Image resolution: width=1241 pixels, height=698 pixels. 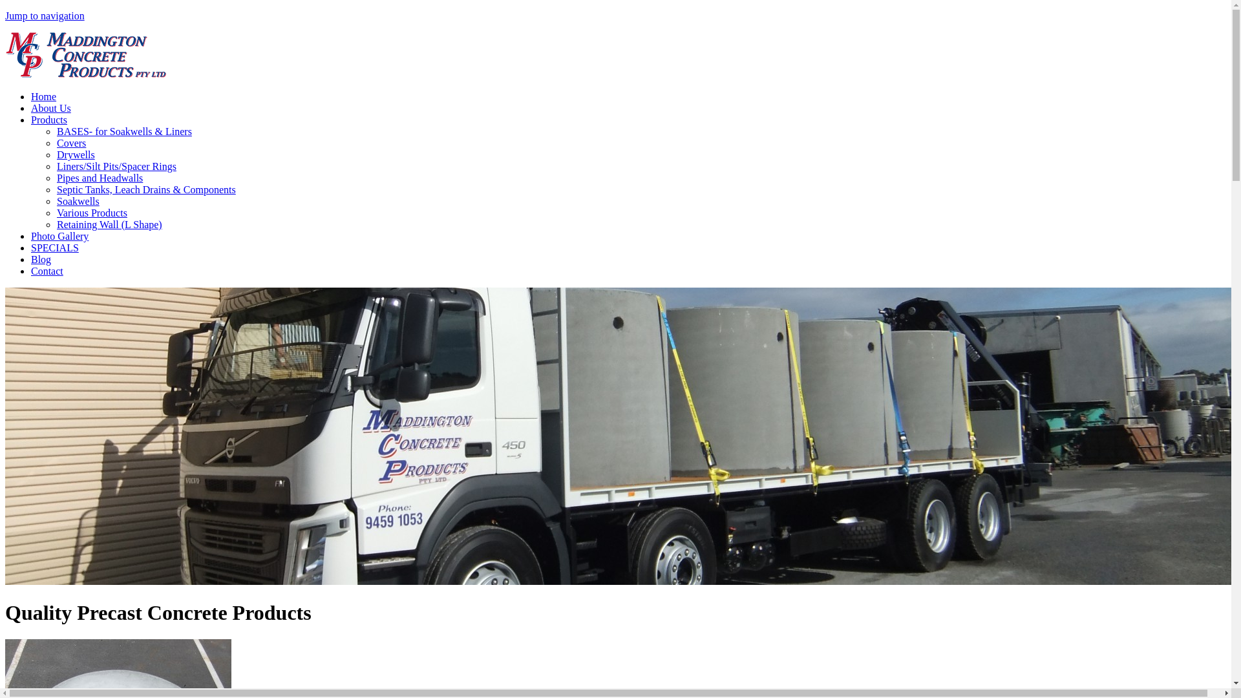 What do you see at coordinates (54, 248) in the screenshot?
I see `'SPECIALS'` at bounding box center [54, 248].